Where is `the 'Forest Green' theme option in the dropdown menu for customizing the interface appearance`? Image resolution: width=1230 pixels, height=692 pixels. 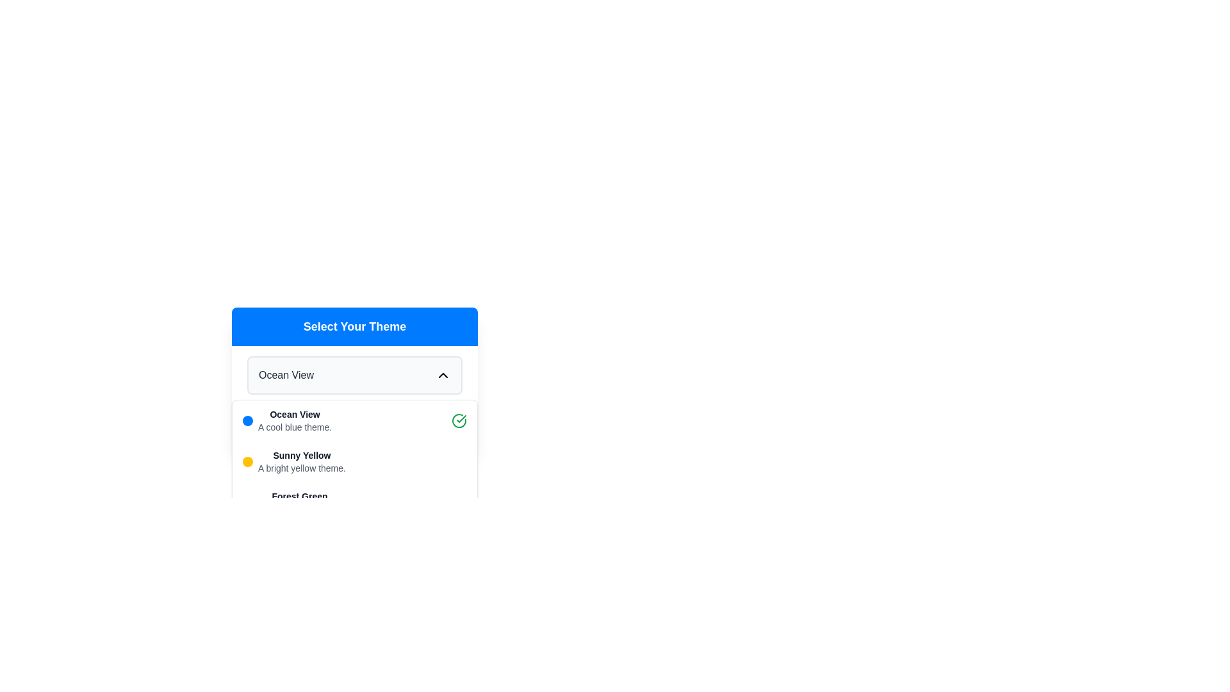 the 'Forest Green' theme option in the dropdown menu for customizing the interface appearance is located at coordinates (291, 502).